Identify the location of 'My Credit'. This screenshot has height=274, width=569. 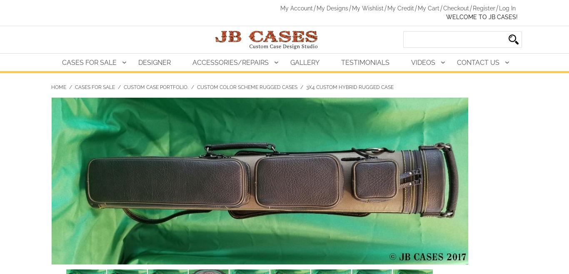
(400, 8).